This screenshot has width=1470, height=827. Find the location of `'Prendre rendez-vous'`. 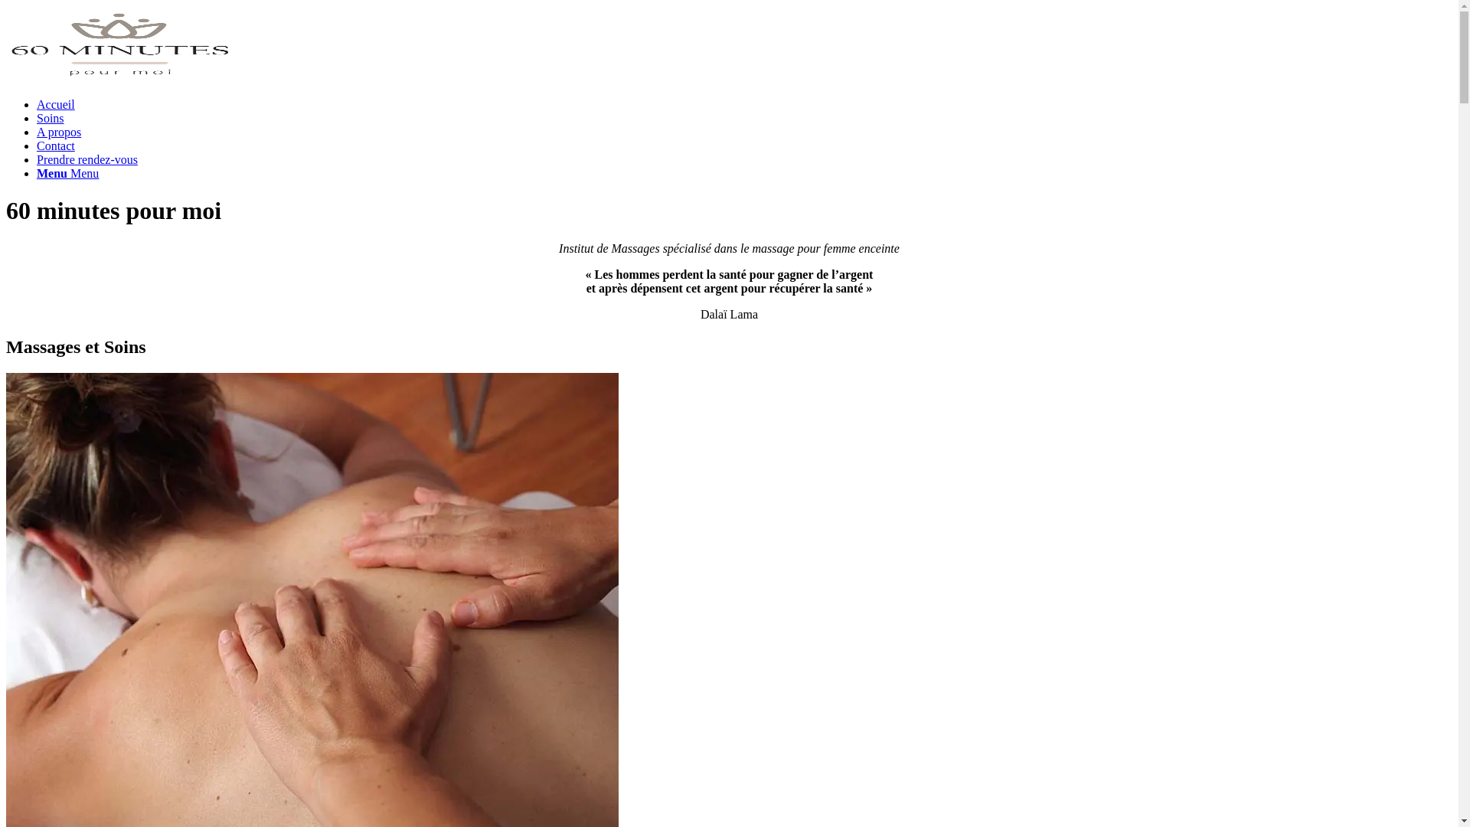

'Prendre rendez-vous' is located at coordinates (87, 159).